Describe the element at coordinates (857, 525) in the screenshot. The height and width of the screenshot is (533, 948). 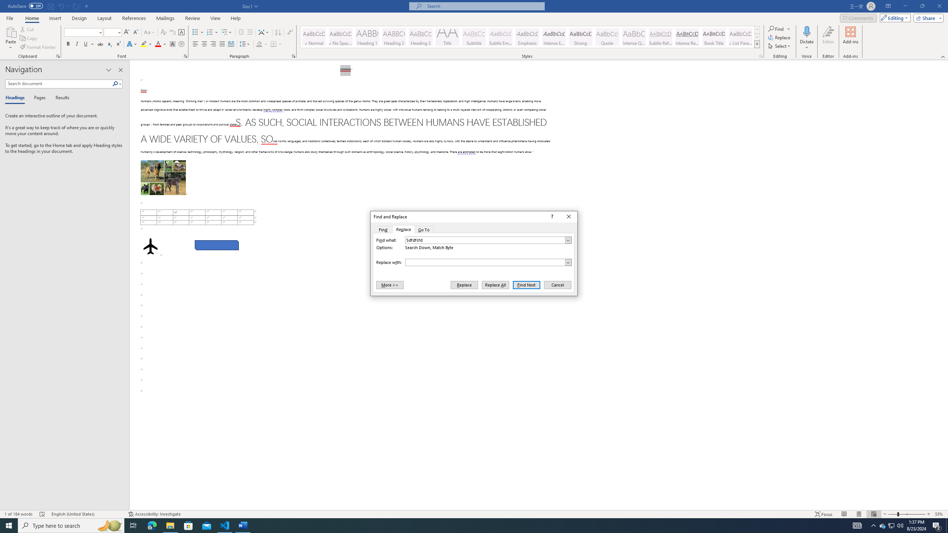
I see `'AutomationID: 4105'` at that location.